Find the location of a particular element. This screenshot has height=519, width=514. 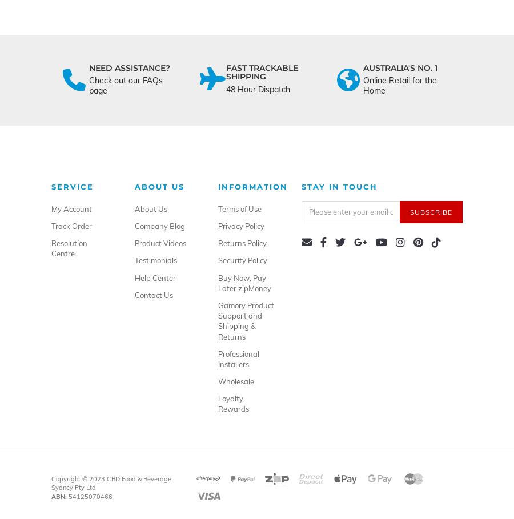

'NEED ASSISTANCE?' is located at coordinates (128, 67).